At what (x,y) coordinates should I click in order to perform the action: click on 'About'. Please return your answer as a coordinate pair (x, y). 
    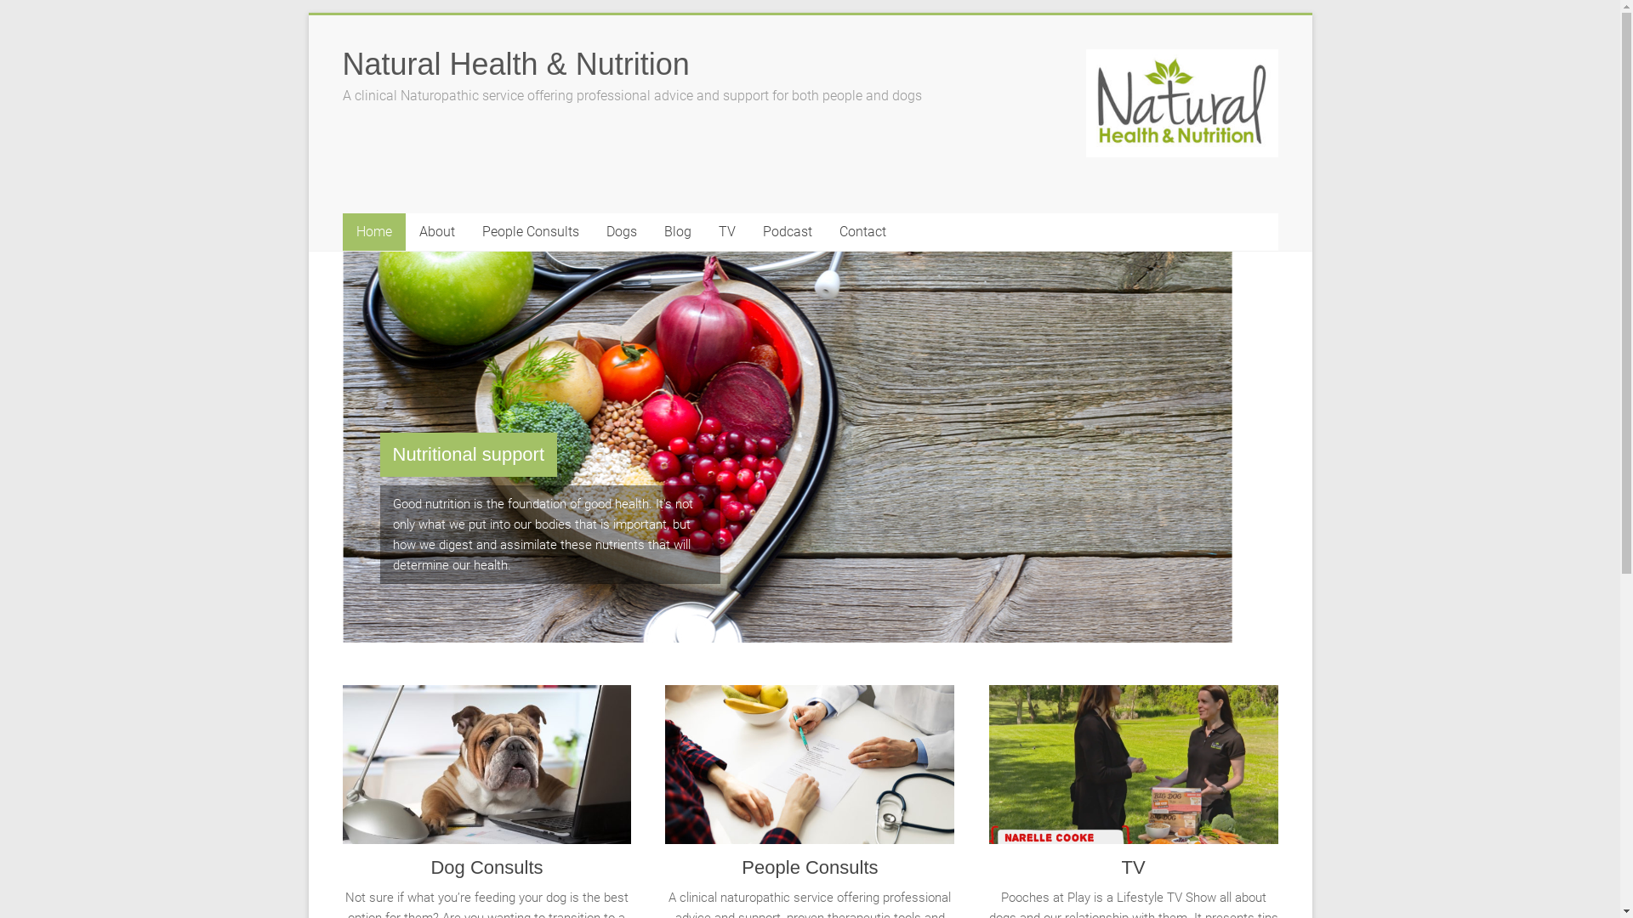
    Looking at the image, I should click on (436, 232).